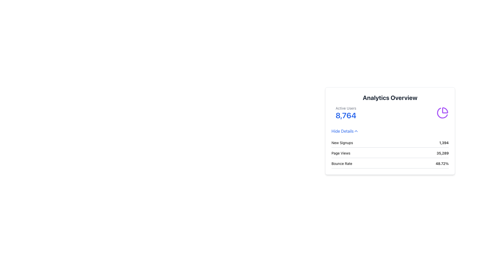  I want to click on information displayed in the 'New Signups' section of the 'Analytics Overview' panel, which shows the value '1,394', so click(390, 144).